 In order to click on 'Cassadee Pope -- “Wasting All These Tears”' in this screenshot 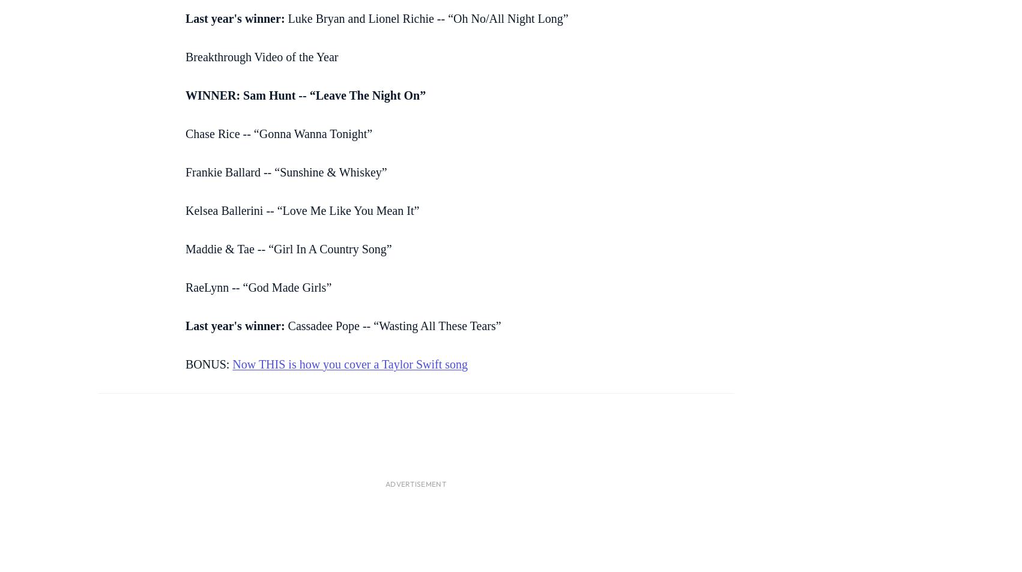, I will do `click(393, 325)`.